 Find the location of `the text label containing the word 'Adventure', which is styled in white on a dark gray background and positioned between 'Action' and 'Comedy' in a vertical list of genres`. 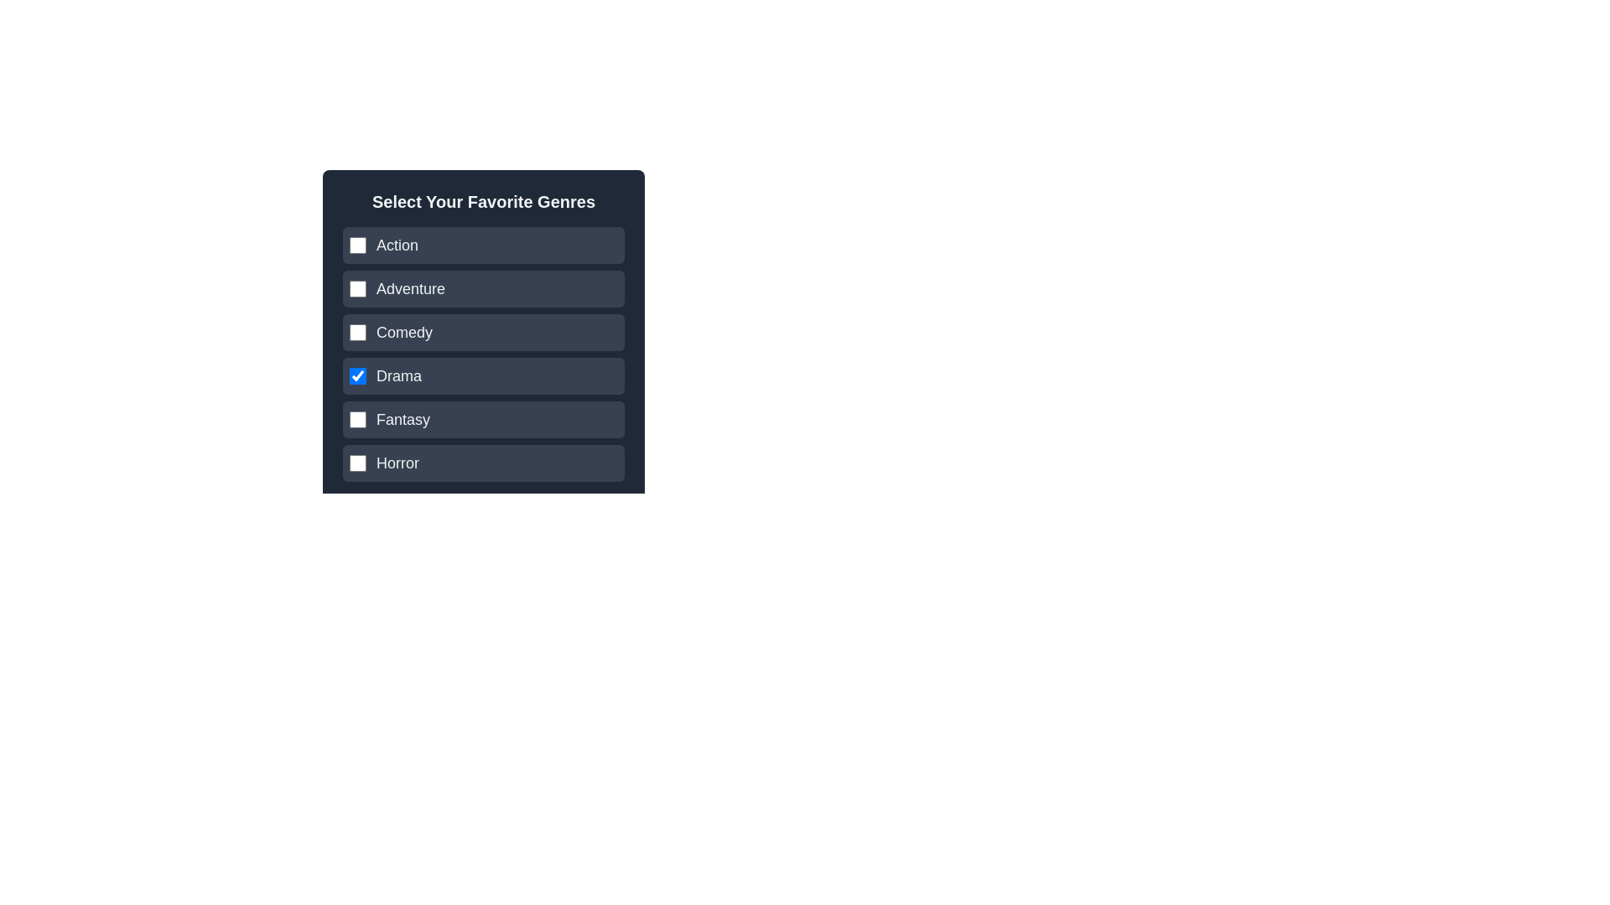

the text label containing the word 'Adventure', which is styled in white on a dark gray background and positioned between 'Action' and 'Comedy' in a vertical list of genres is located at coordinates (410, 287).